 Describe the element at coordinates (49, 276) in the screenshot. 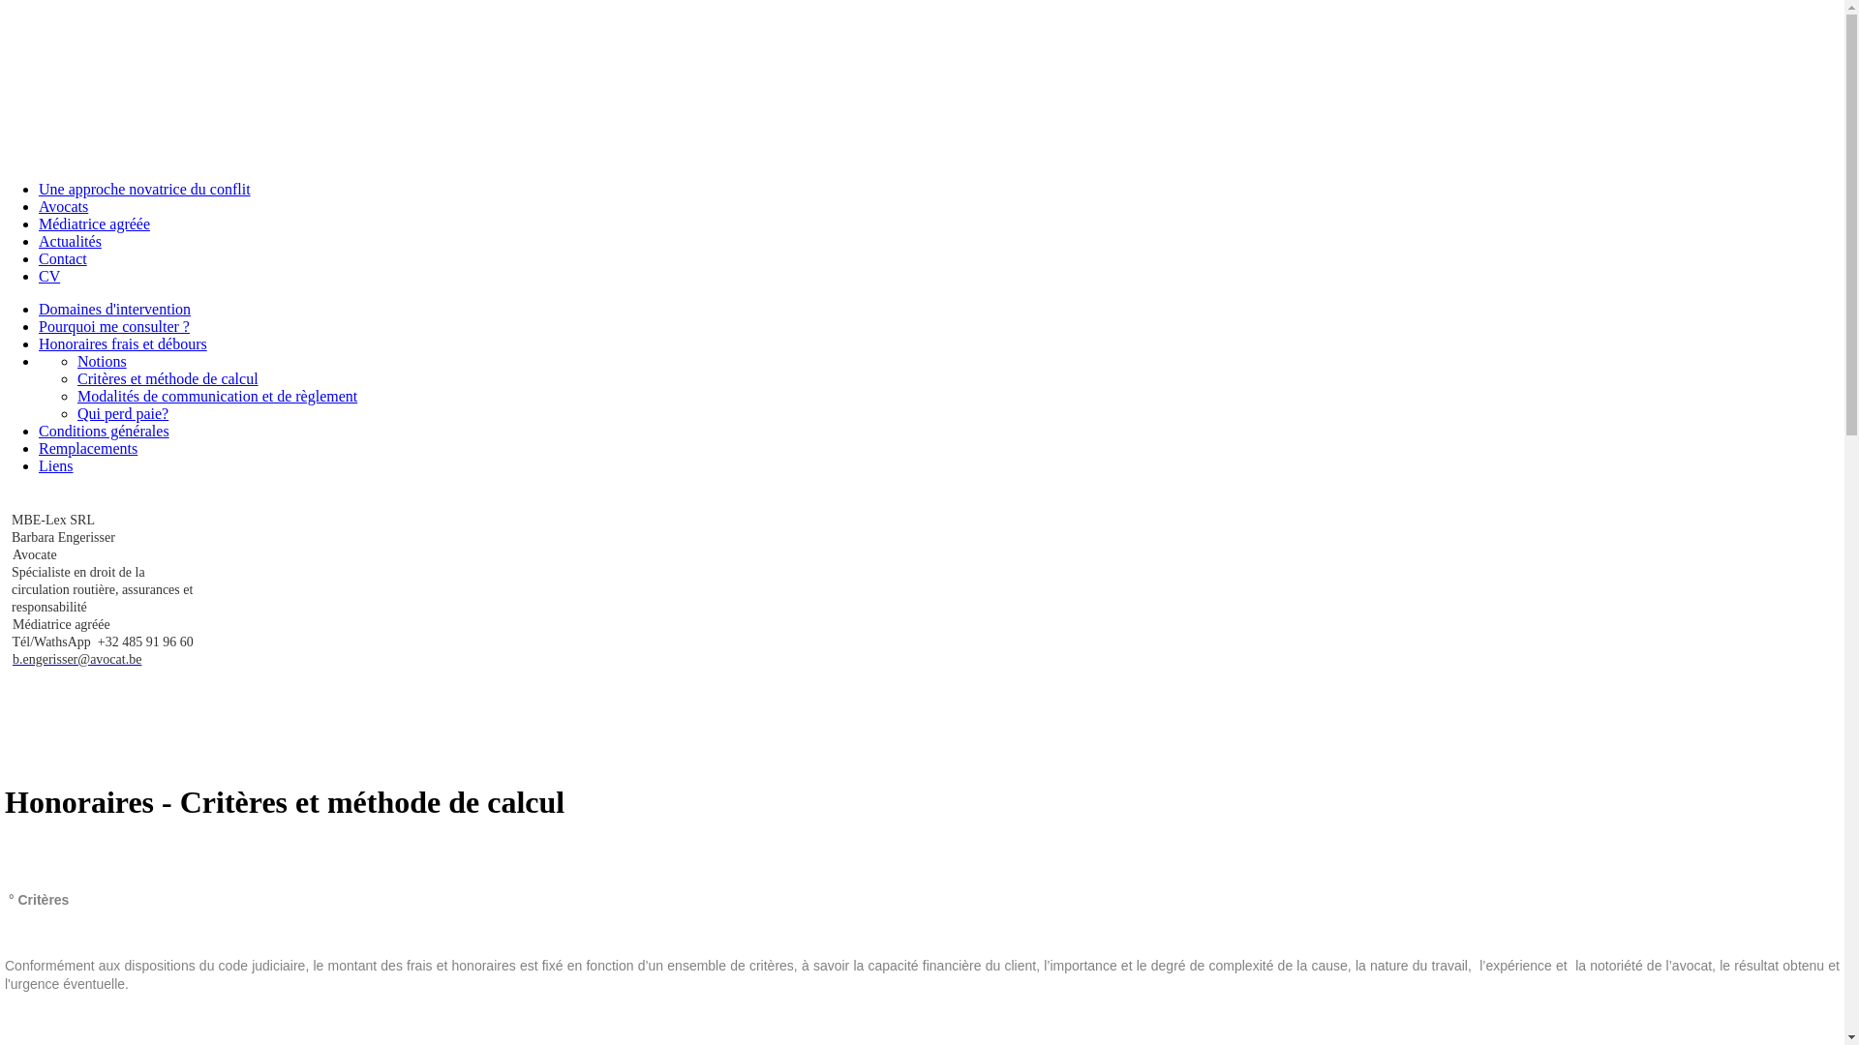

I see `'CV'` at that location.